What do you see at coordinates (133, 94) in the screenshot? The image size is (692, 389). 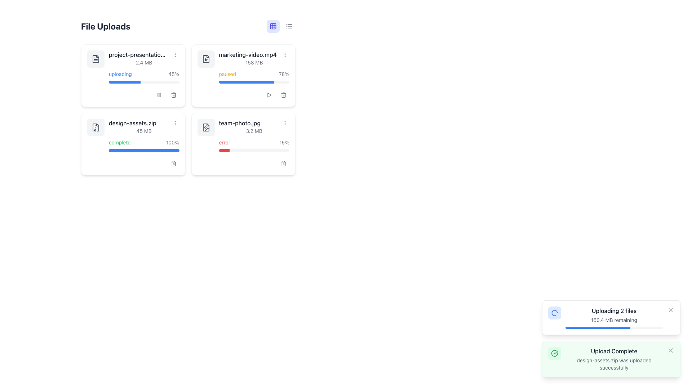 I see `the pause button in the grouped control at the bottom-right corner of the 'project-presentation.pptx' card` at bounding box center [133, 94].